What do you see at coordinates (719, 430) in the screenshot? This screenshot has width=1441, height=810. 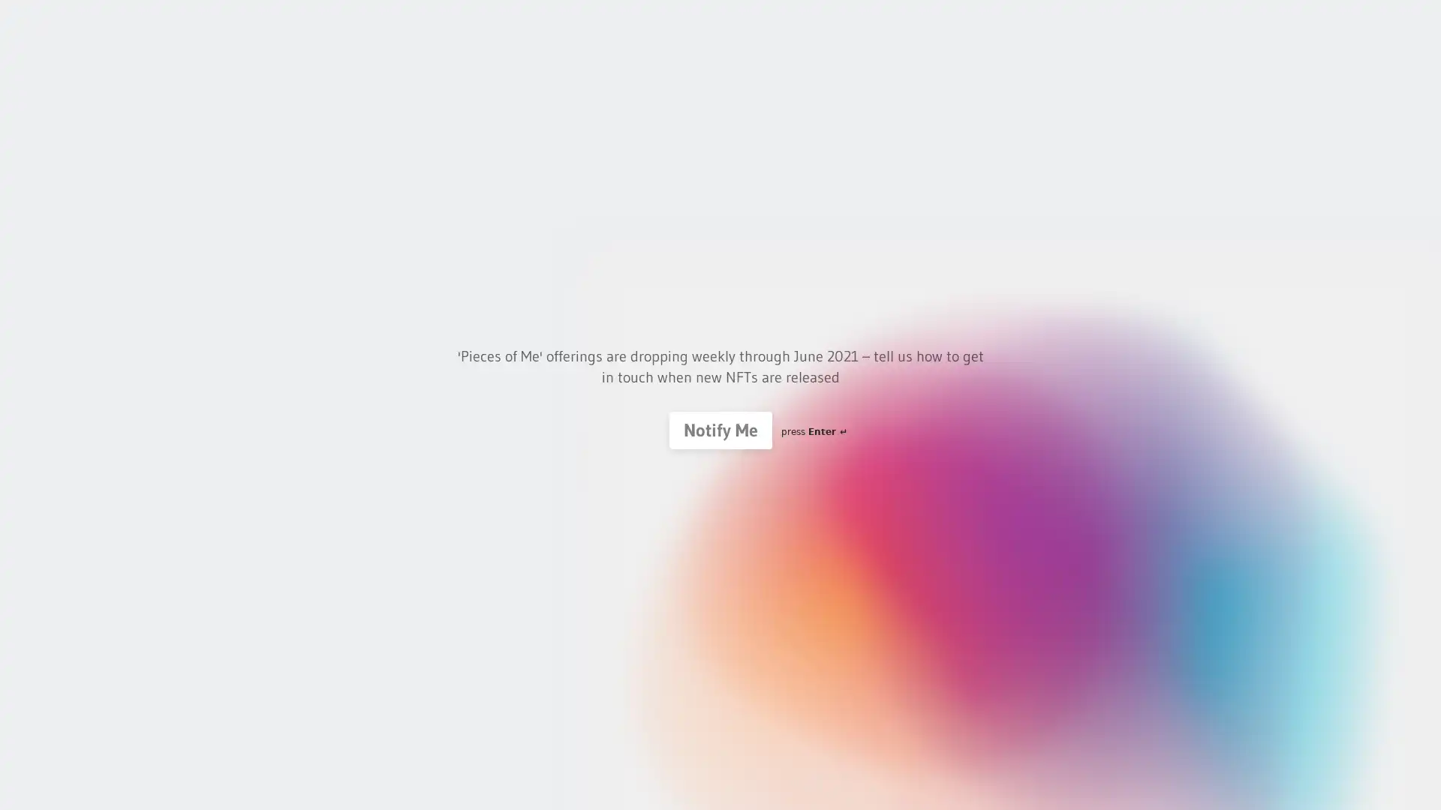 I see `Notify Me` at bounding box center [719, 430].